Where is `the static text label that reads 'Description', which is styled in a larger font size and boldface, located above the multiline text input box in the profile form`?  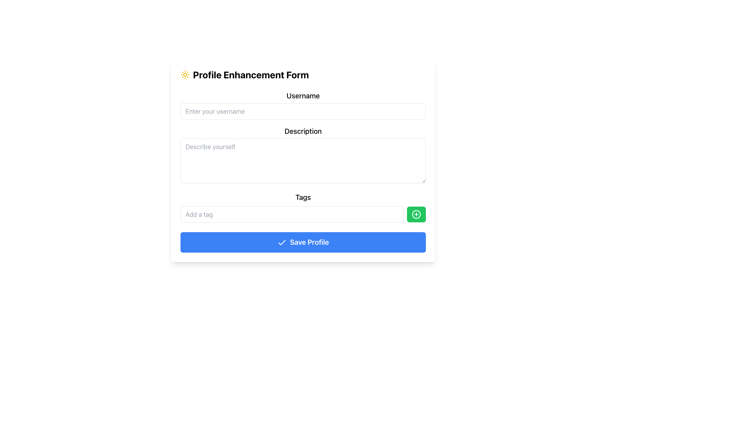
the static text label that reads 'Description', which is styled in a larger font size and boldface, located above the multiline text input box in the profile form is located at coordinates (303, 131).